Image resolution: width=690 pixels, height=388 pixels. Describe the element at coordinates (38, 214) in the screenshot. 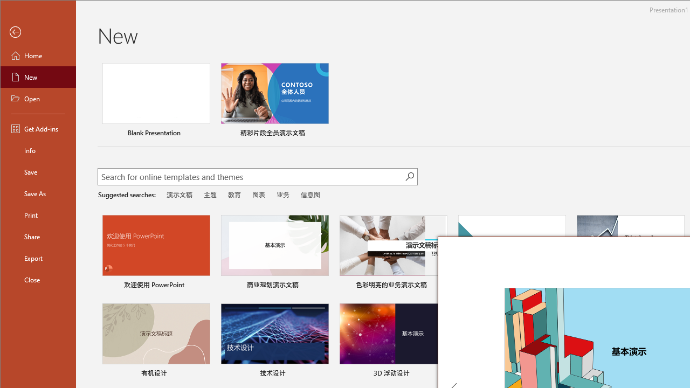

I see `'Print'` at that location.